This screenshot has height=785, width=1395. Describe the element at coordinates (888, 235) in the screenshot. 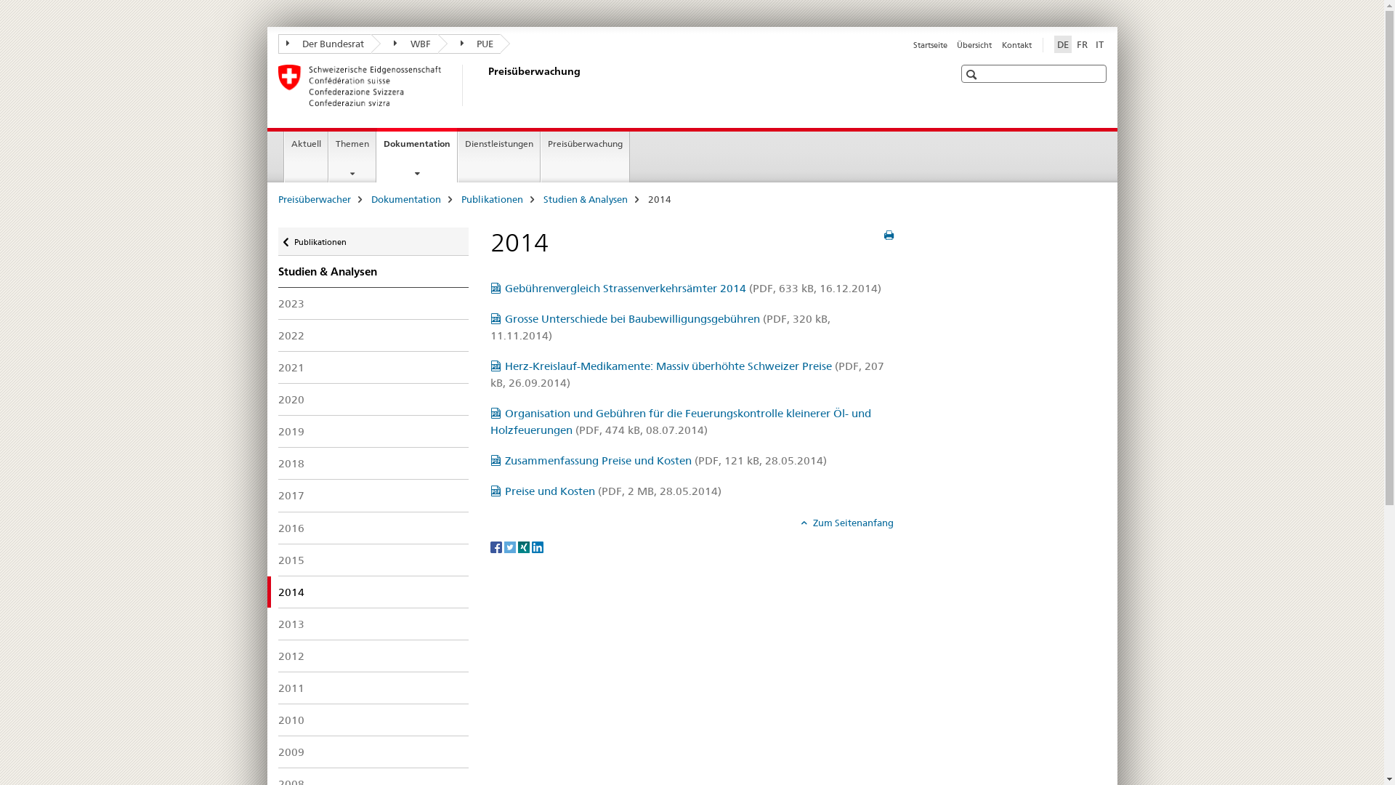

I see `'Seite drucken'` at that location.